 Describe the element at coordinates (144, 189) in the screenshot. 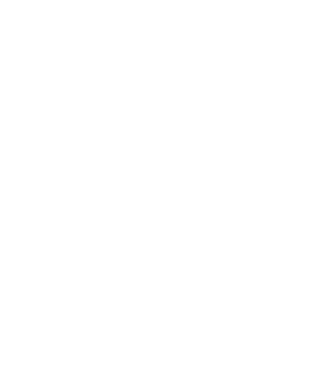

I see `'Auralex Debuts EcoPrint Custom-Printed Acoustical Absorbers'` at that location.